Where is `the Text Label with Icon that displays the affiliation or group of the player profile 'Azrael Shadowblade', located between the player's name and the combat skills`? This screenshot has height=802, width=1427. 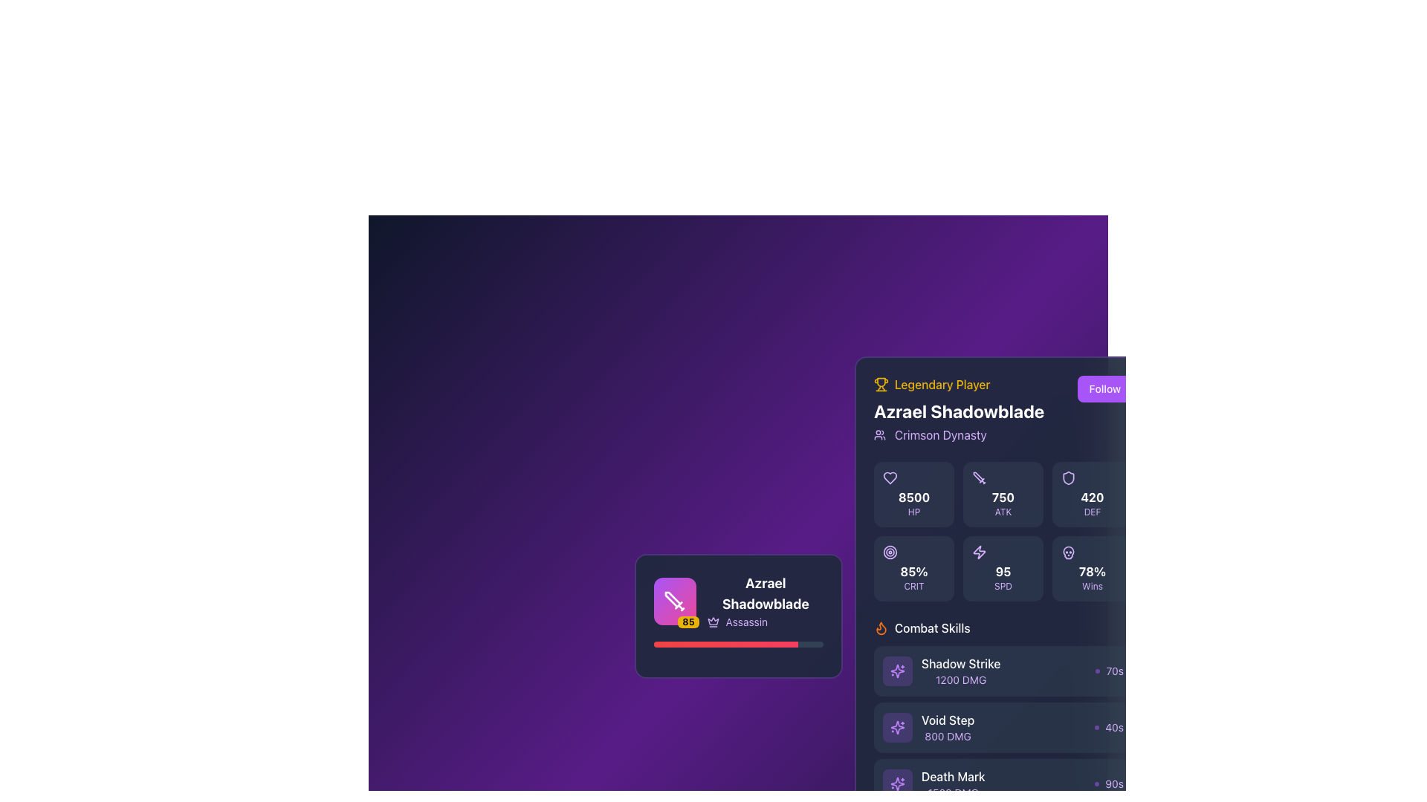
the Text Label with Icon that displays the affiliation or group of the player profile 'Azrael Shadowblade', located between the player's name and the combat skills is located at coordinates (959, 434).